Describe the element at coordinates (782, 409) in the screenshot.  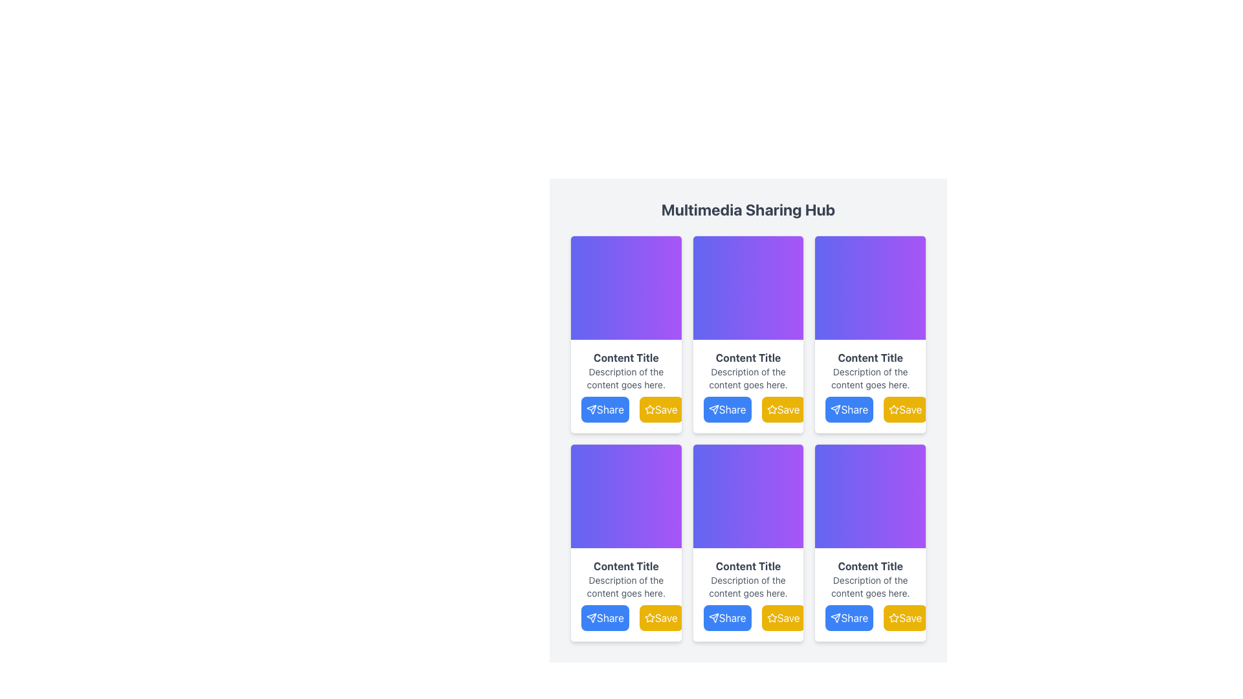
I see `the 'Save' button located at the bottom right corner of the second card in the multimedia sharing interface` at that location.